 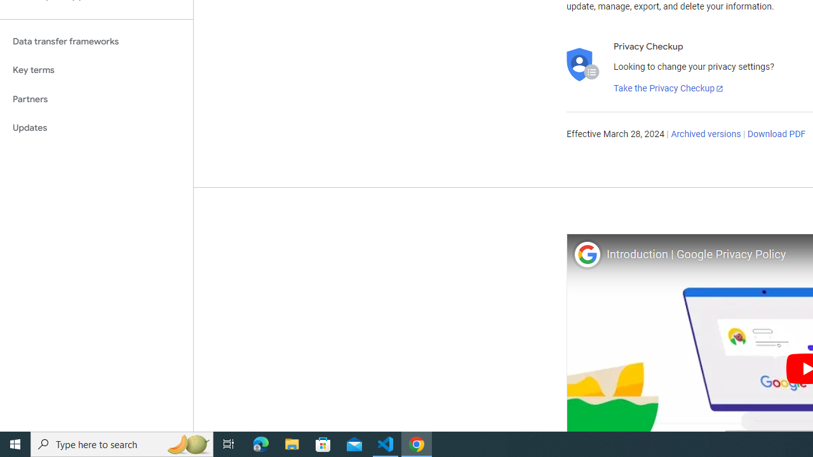 What do you see at coordinates (668, 88) in the screenshot?
I see `'Take the Privacy Checkup'` at bounding box center [668, 88].